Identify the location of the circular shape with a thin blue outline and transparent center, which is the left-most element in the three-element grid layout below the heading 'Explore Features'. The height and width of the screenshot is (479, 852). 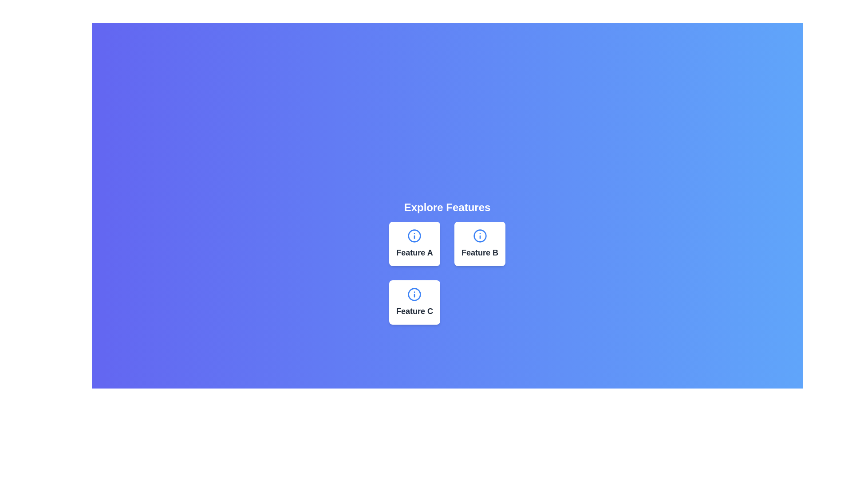
(414, 236).